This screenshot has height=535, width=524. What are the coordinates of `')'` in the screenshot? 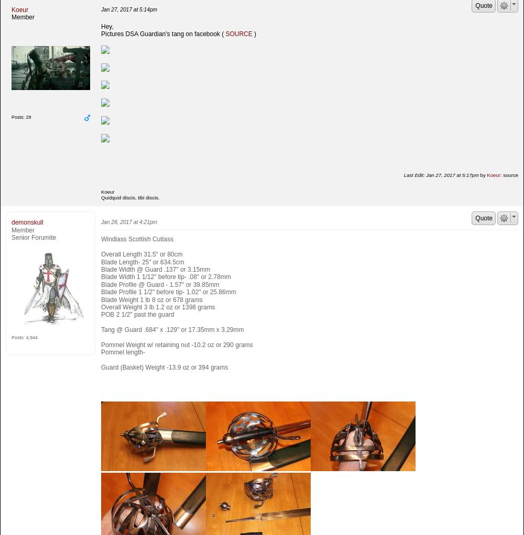 It's located at (254, 34).